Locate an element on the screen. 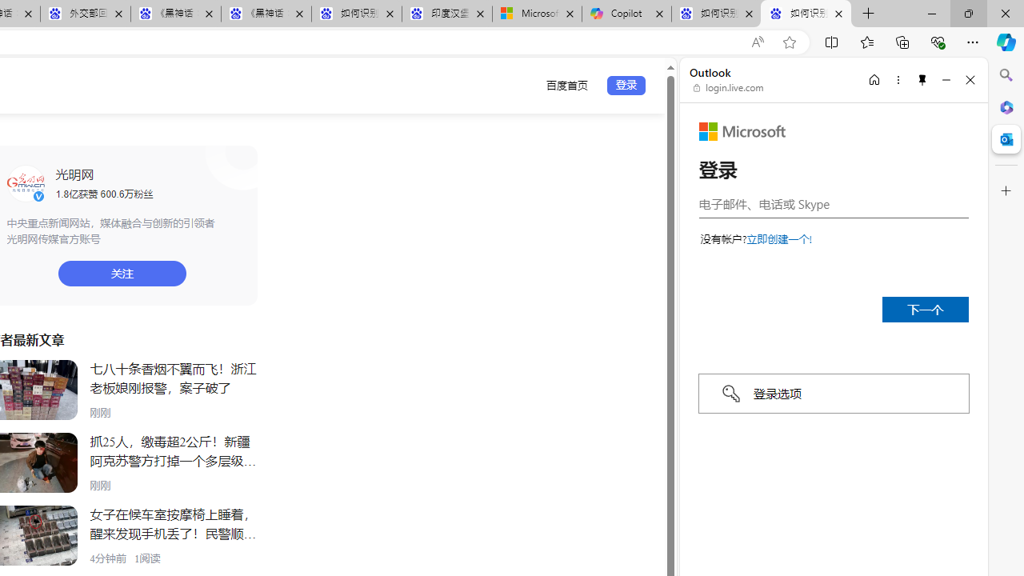  'login.live.com' is located at coordinates (728, 88).